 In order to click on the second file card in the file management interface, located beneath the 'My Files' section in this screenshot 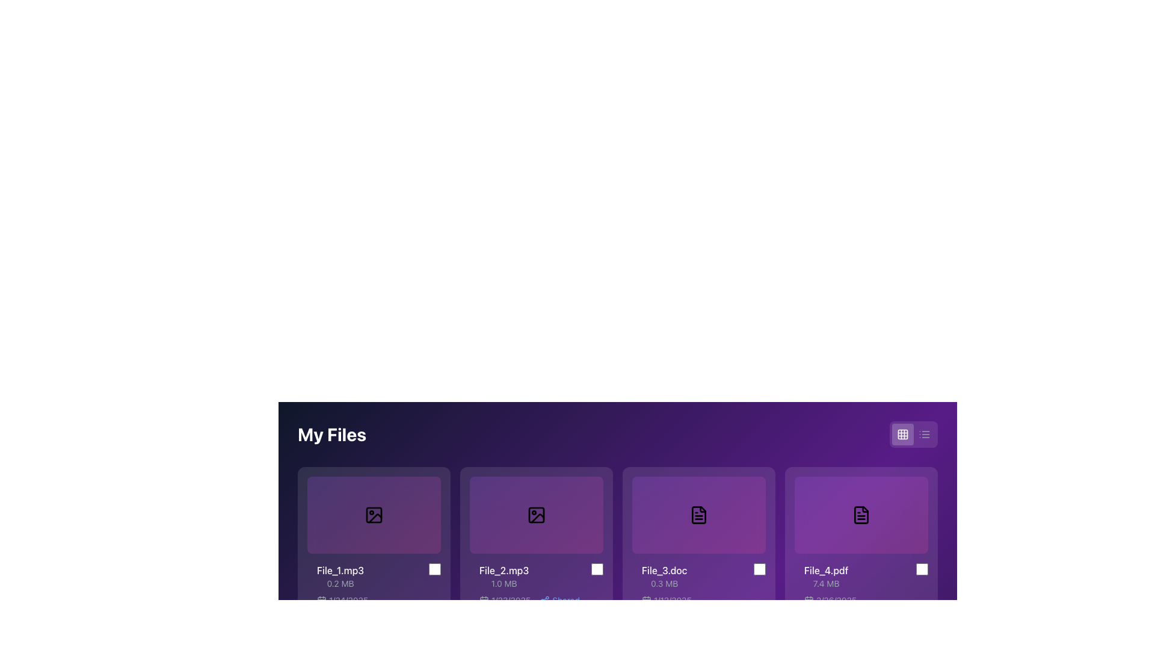, I will do `click(536, 540)`.